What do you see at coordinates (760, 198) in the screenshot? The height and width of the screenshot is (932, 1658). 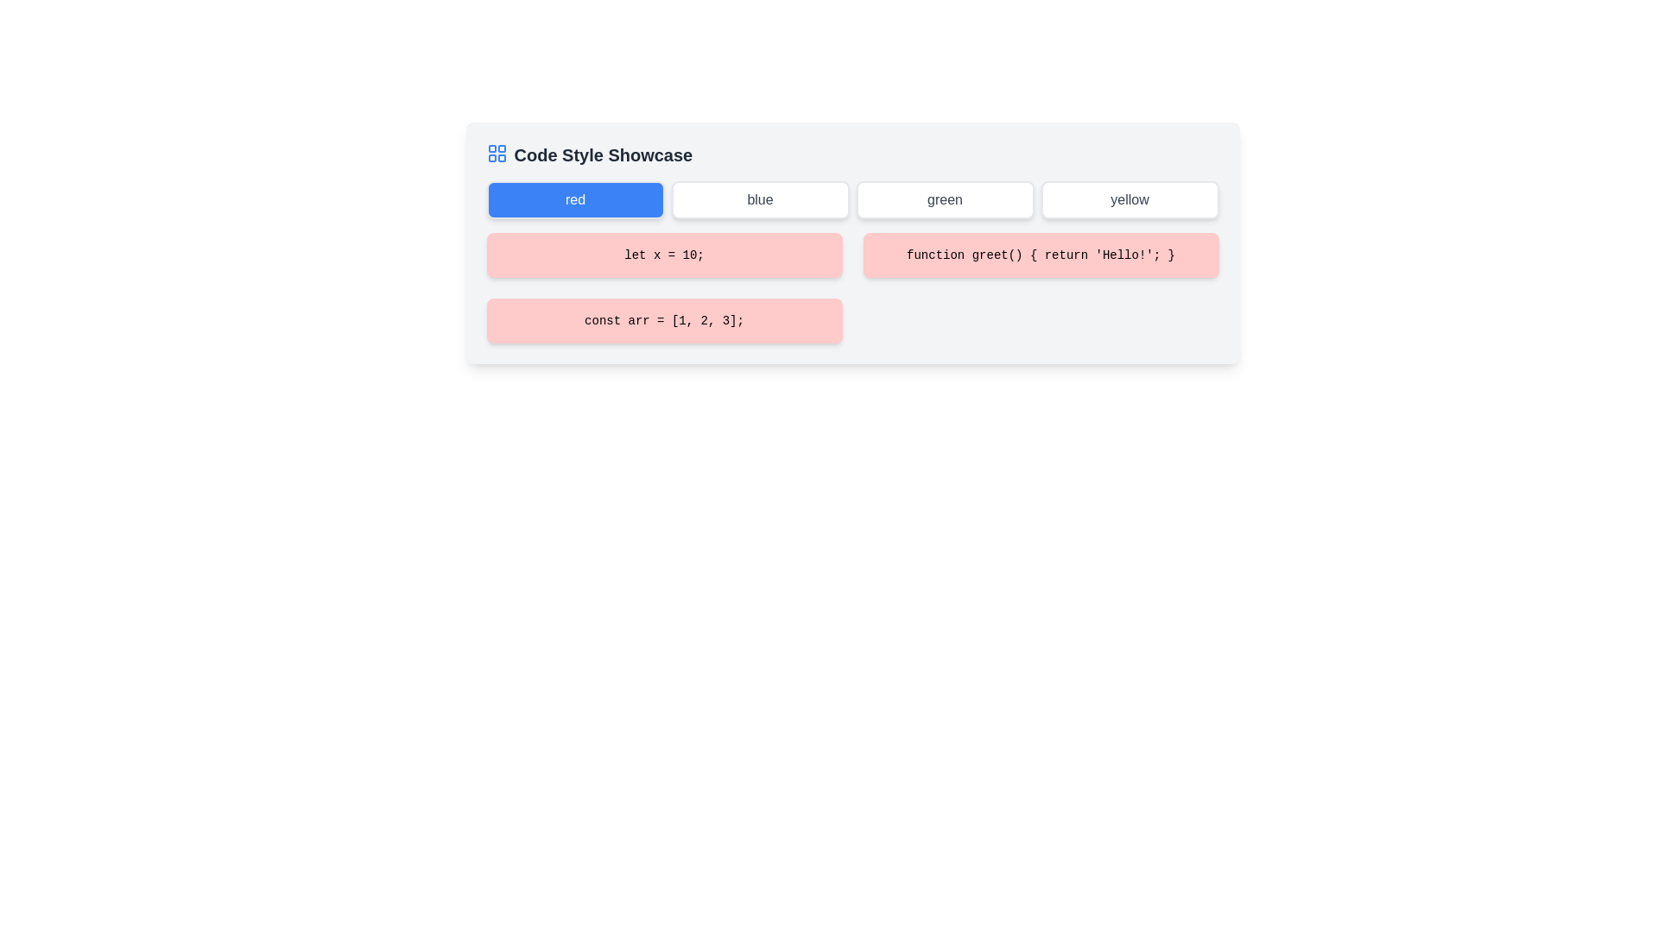 I see `the 'blue' button, which is a rectangular button with rounded corners and a white background` at bounding box center [760, 198].